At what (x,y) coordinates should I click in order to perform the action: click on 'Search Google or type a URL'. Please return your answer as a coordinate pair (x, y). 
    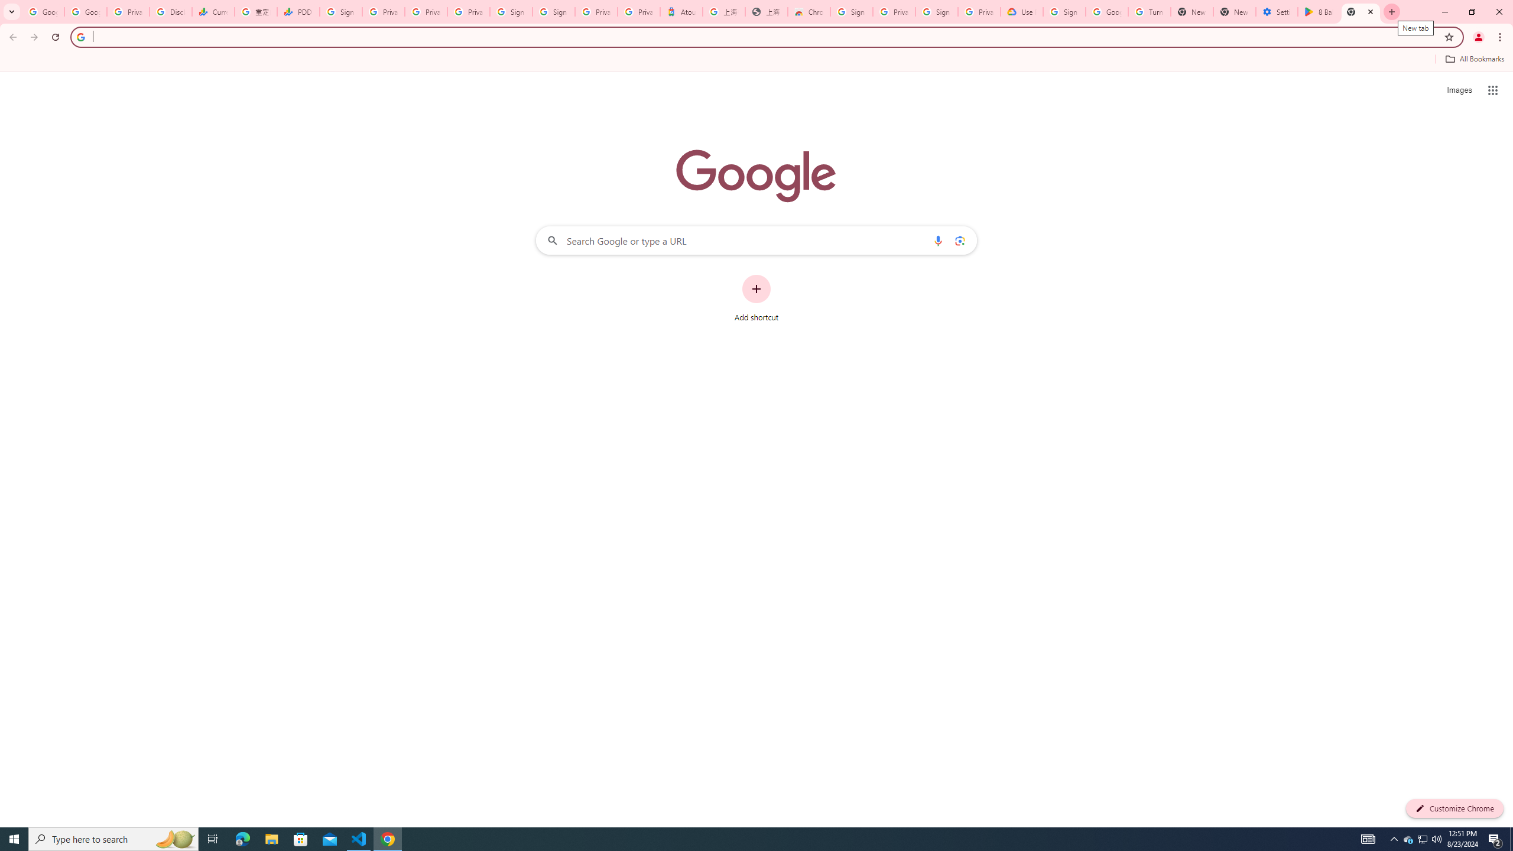
    Looking at the image, I should click on (756, 239).